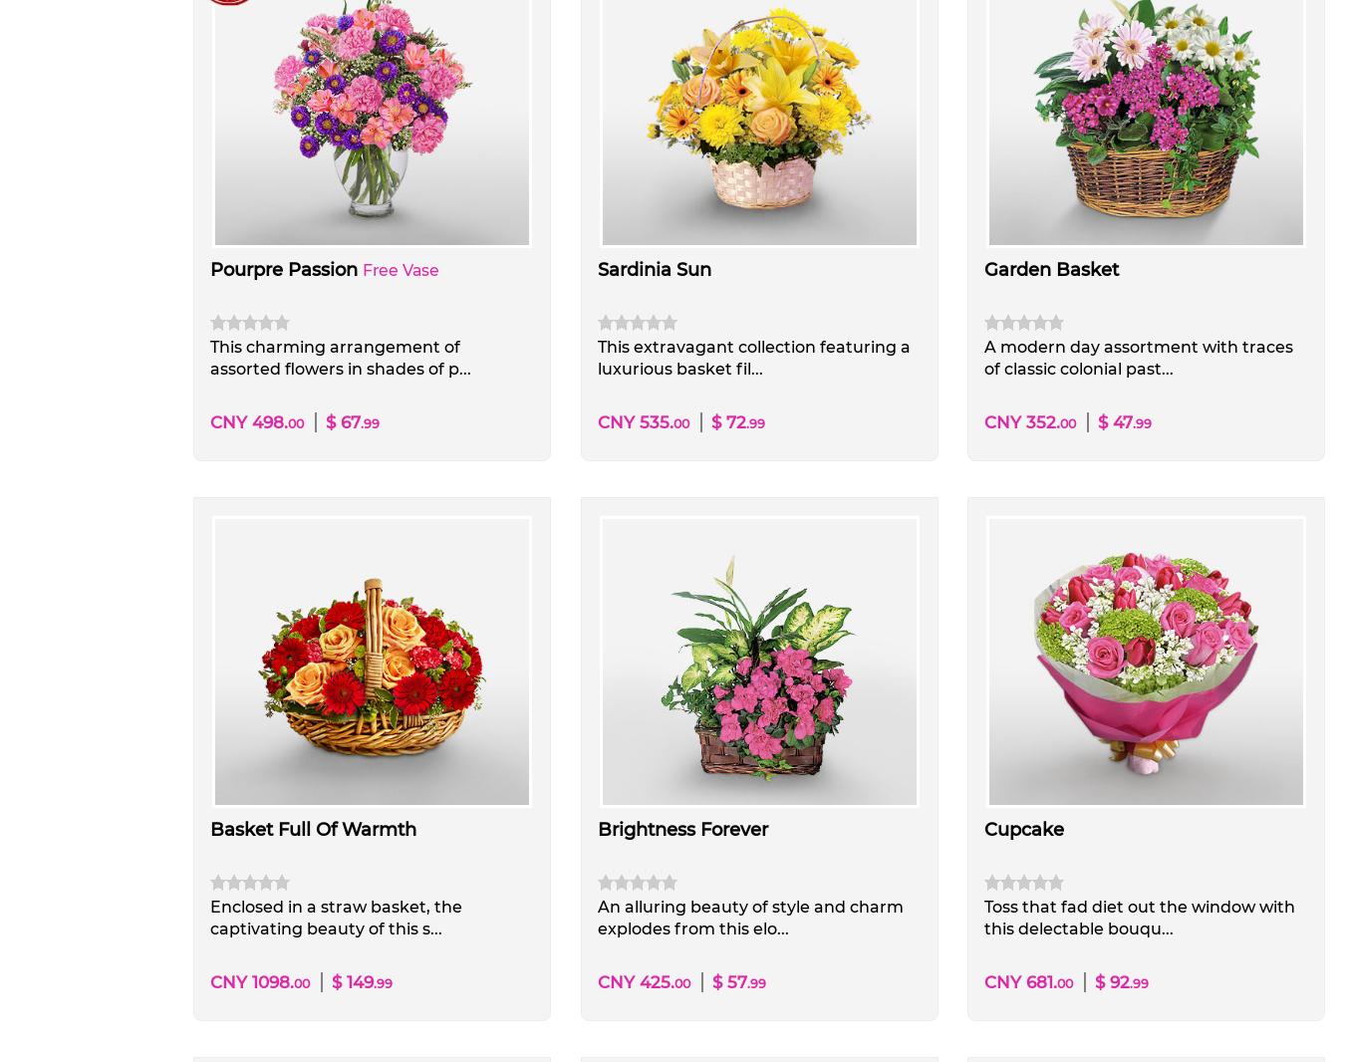 The width and height of the screenshot is (1345, 1062). I want to click on 'Cupcake', so click(1022, 829).